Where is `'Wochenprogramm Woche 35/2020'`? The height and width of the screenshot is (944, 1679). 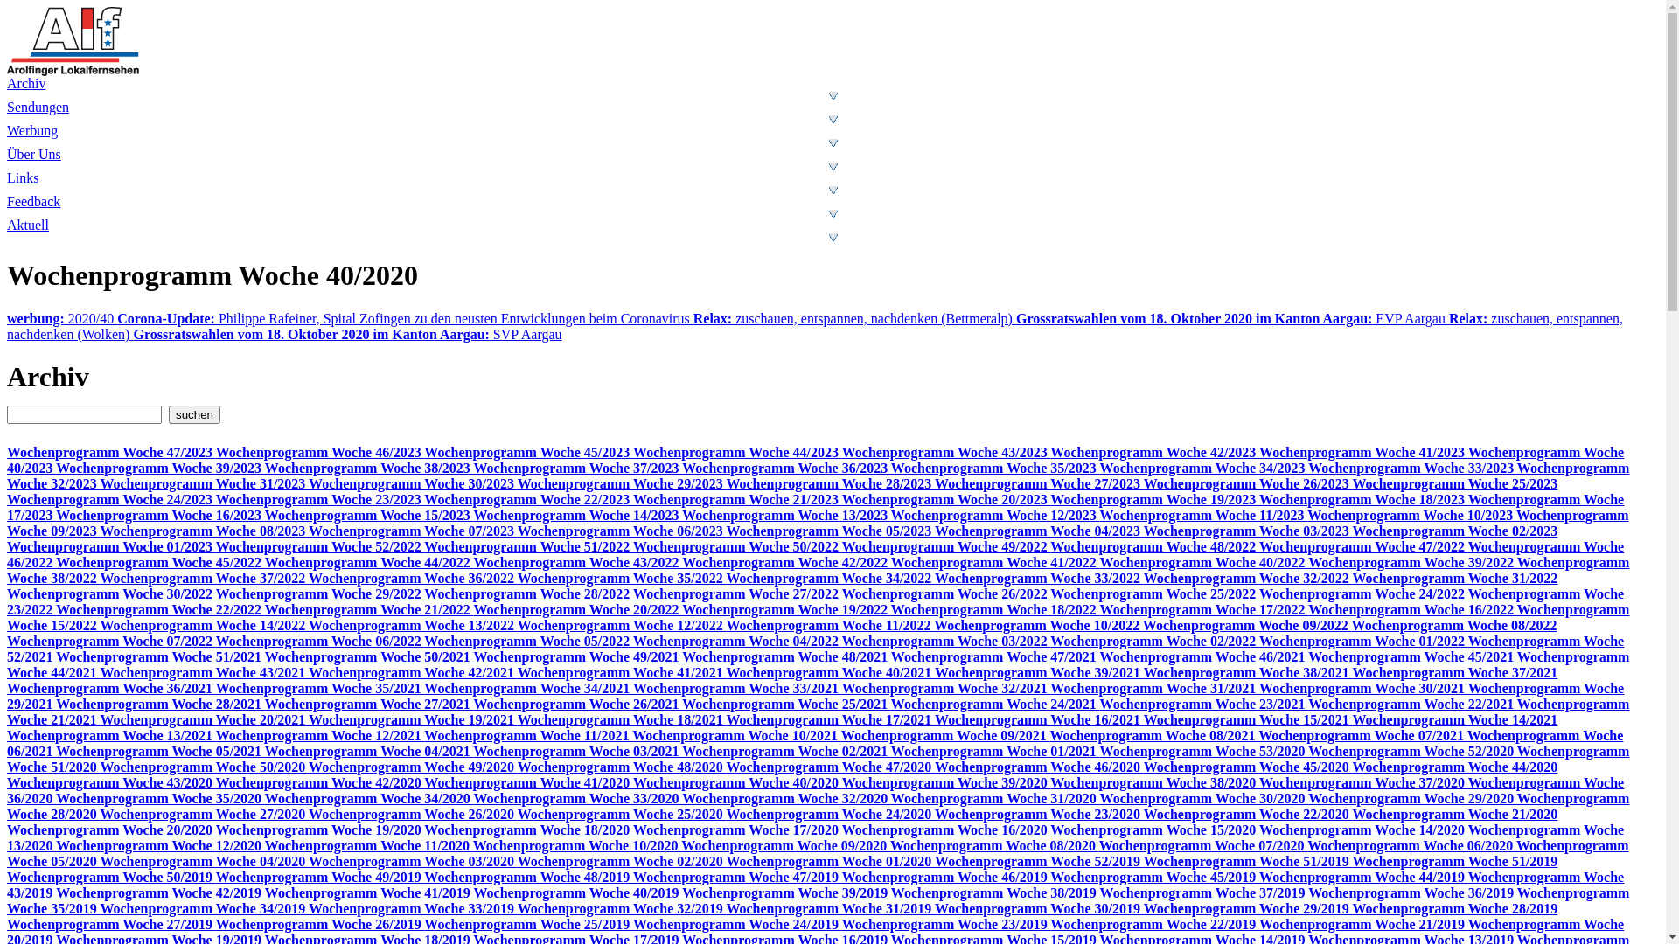 'Wochenprogramm Woche 35/2020' is located at coordinates (160, 798).